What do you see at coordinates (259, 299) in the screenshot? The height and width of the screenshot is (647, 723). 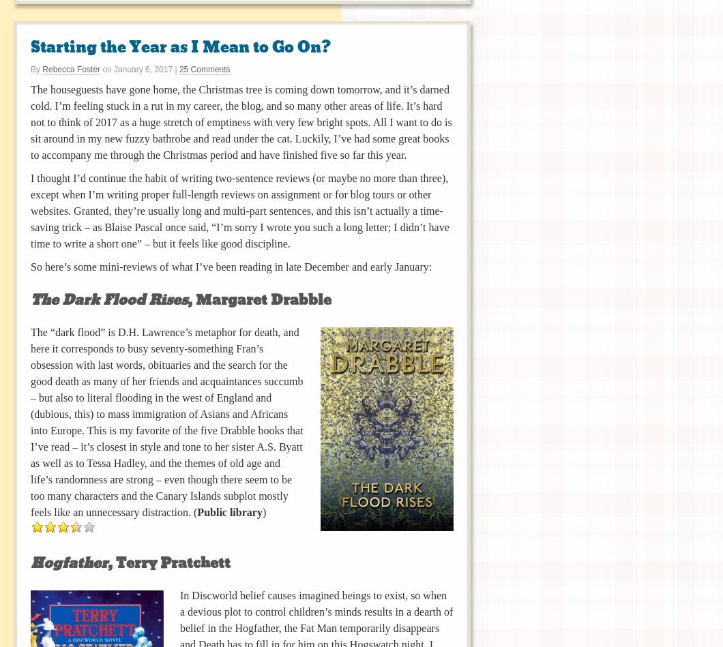 I see `', Margaret Drabble'` at bounding box center [259, 299].